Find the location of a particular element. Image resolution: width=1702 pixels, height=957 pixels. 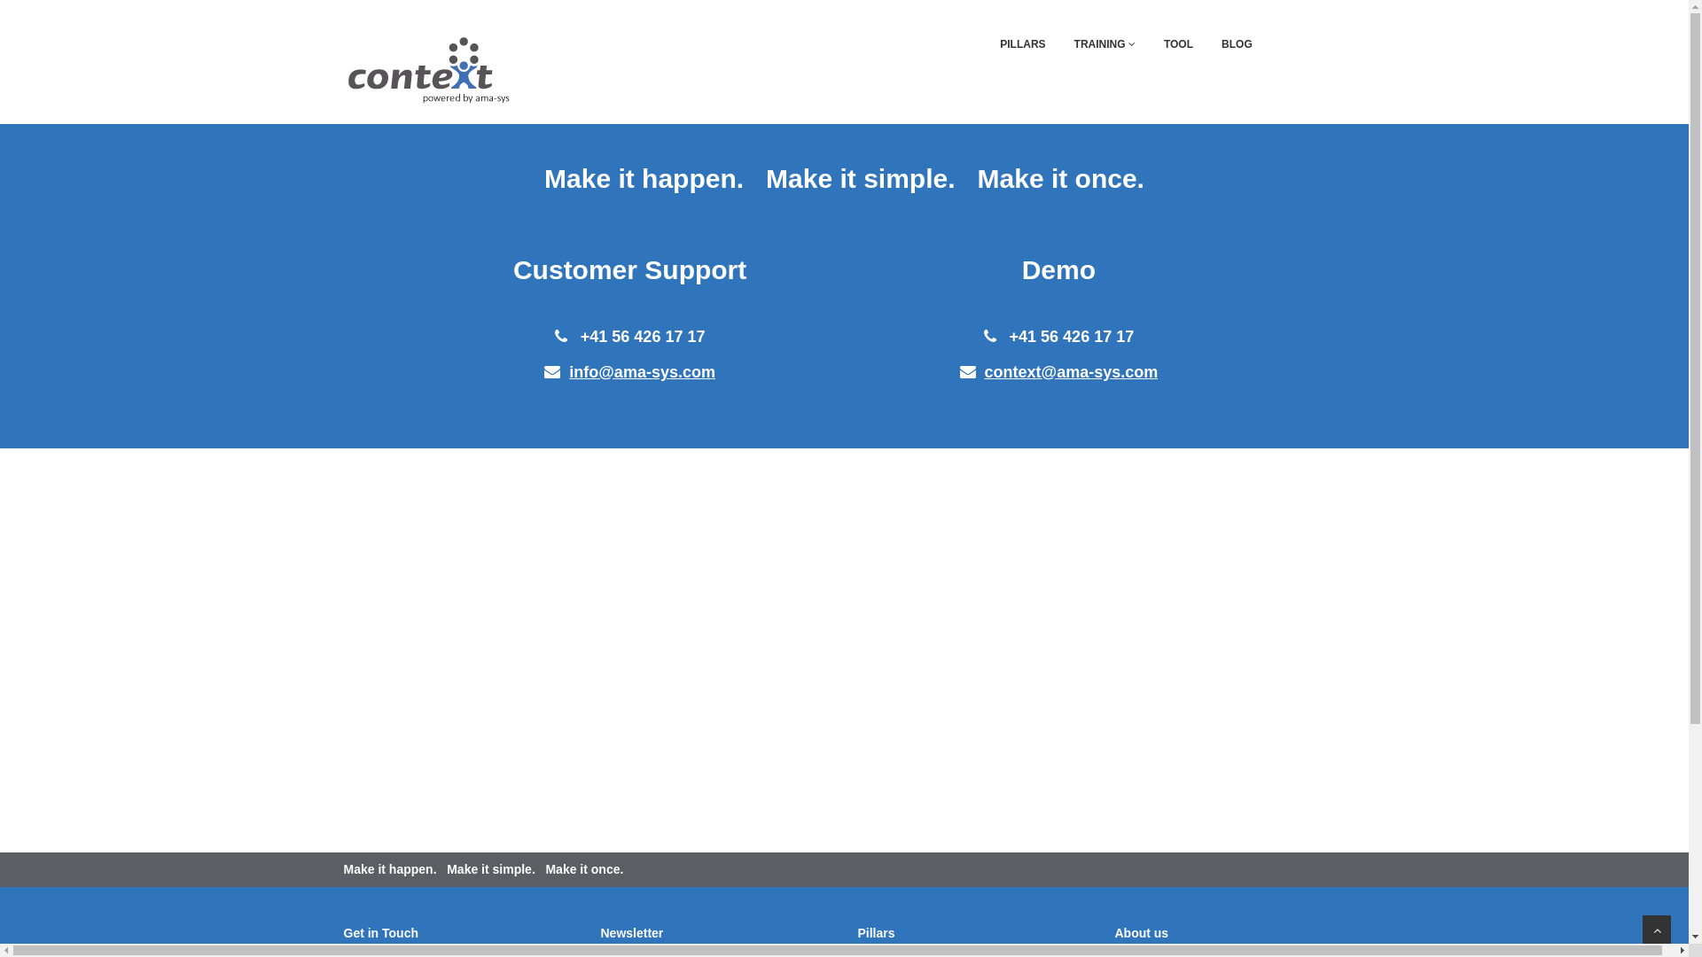

'context@ama-sys.com' is located at coordinates (1071, 371).